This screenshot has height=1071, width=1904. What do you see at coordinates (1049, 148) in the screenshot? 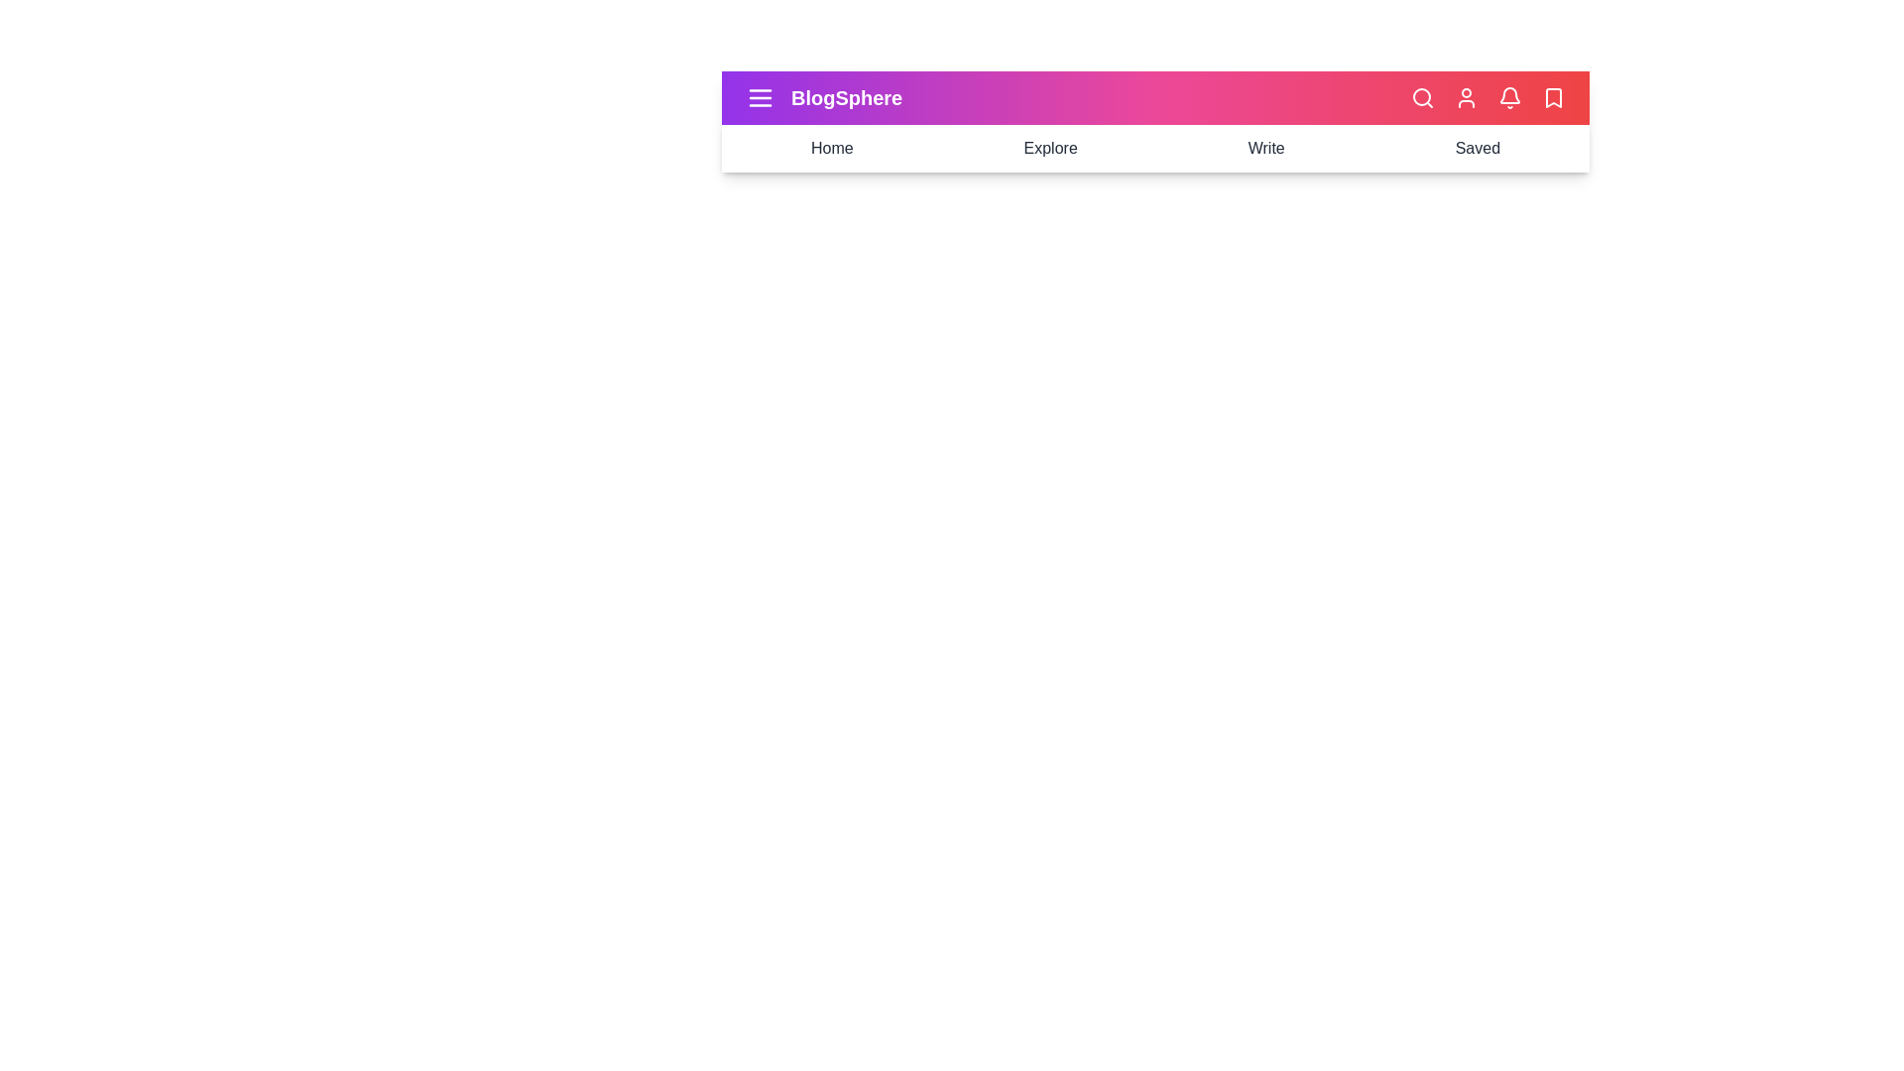
I see `the element Explore to preview its effect` at bounding box center [1049, 148].